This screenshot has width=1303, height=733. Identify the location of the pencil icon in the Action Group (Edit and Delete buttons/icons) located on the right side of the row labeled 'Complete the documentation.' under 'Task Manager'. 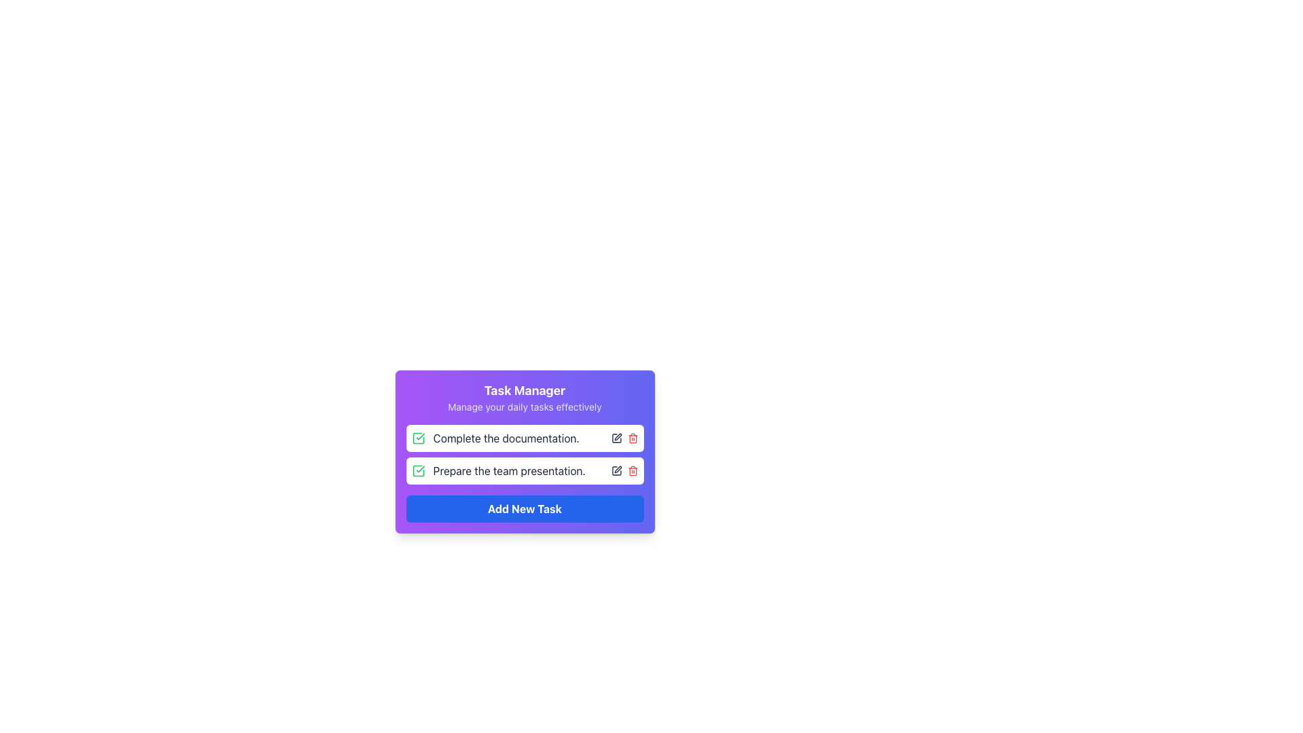
(624, 438).